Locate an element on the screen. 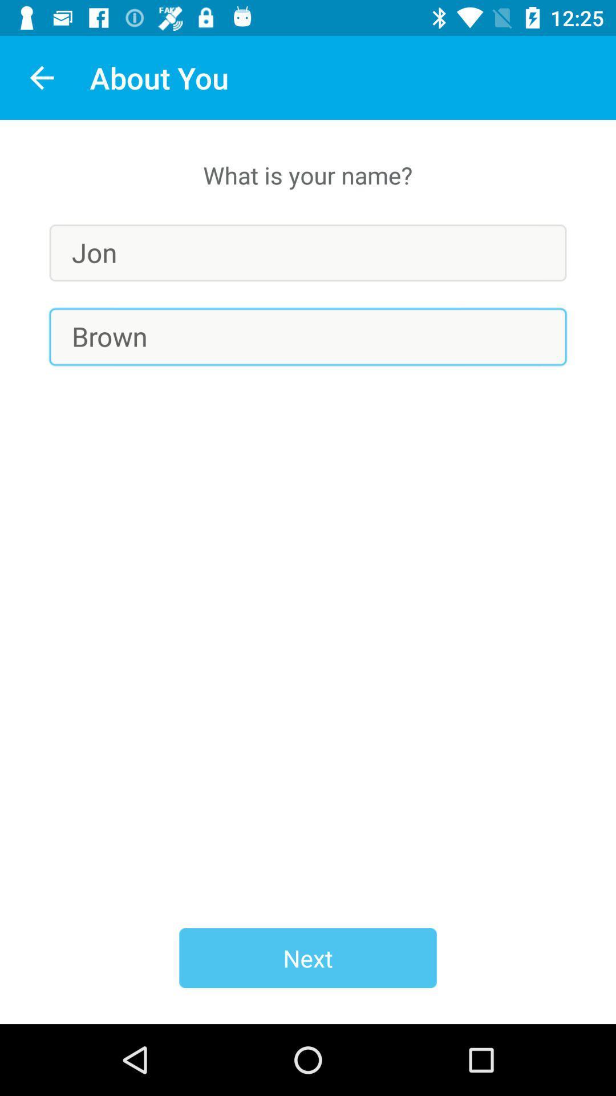 The height and width of the screenshot is (1096, 616). the next icon is located at coordinates (308, 958).